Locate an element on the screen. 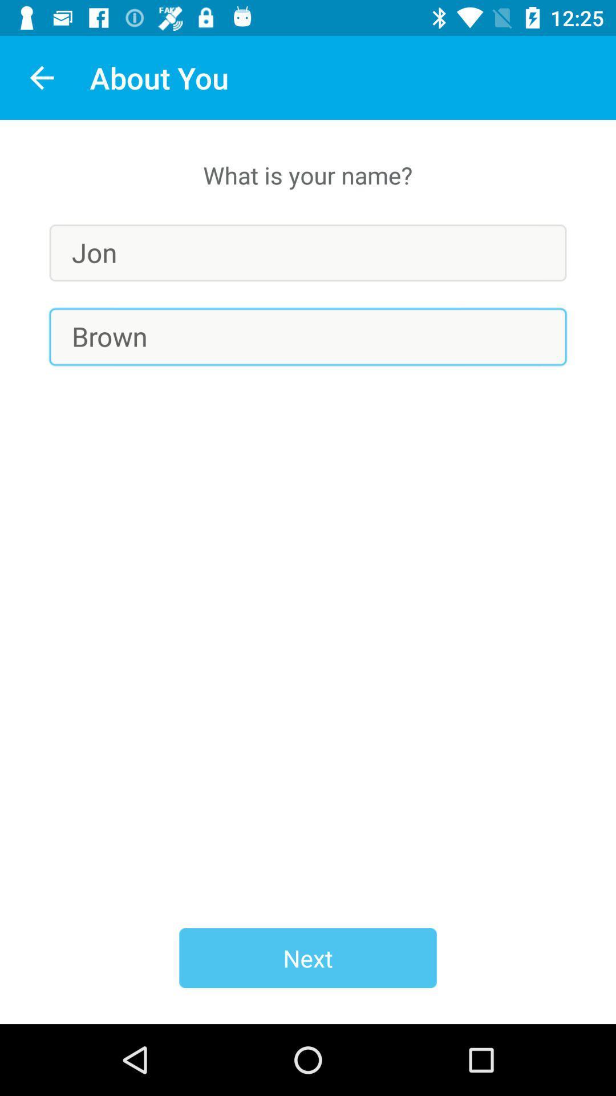 The height and width of the screenshot is (1096, 616). the next icon is located at coordinates (308, 958).